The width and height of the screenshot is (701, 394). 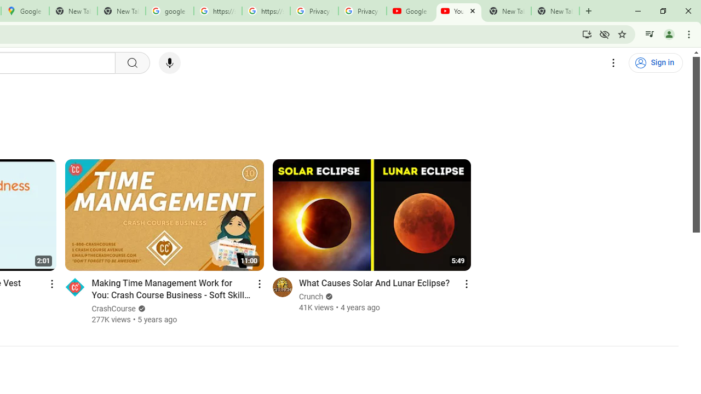 What do you see at coordinates (169, 63) in the screenshot?
I see `'Search with your voice'` at bounding box center [169, 63].